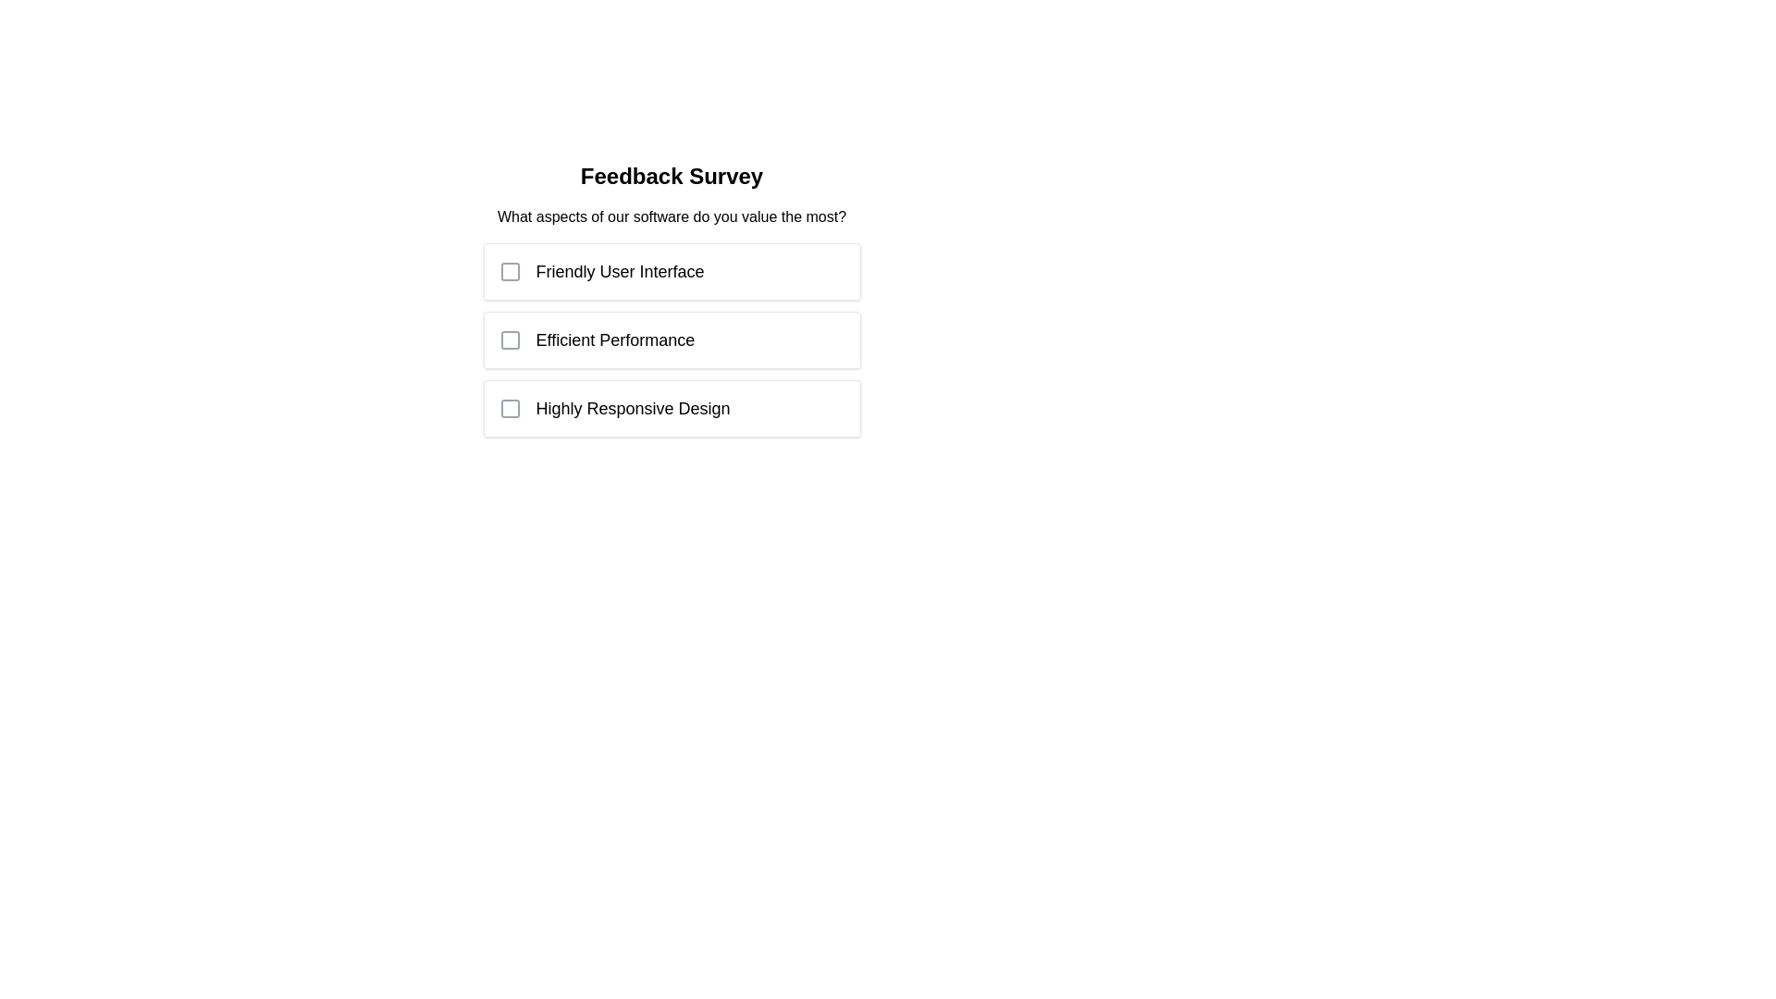 This screenshot has width=1776, height=999. Describe the element at coordinates (510, 408) in the screenshot. I see `the inner square subcomponent of the checkbox representing the 'Highly Responsive Design' option, which is the third option in the list` at that location.